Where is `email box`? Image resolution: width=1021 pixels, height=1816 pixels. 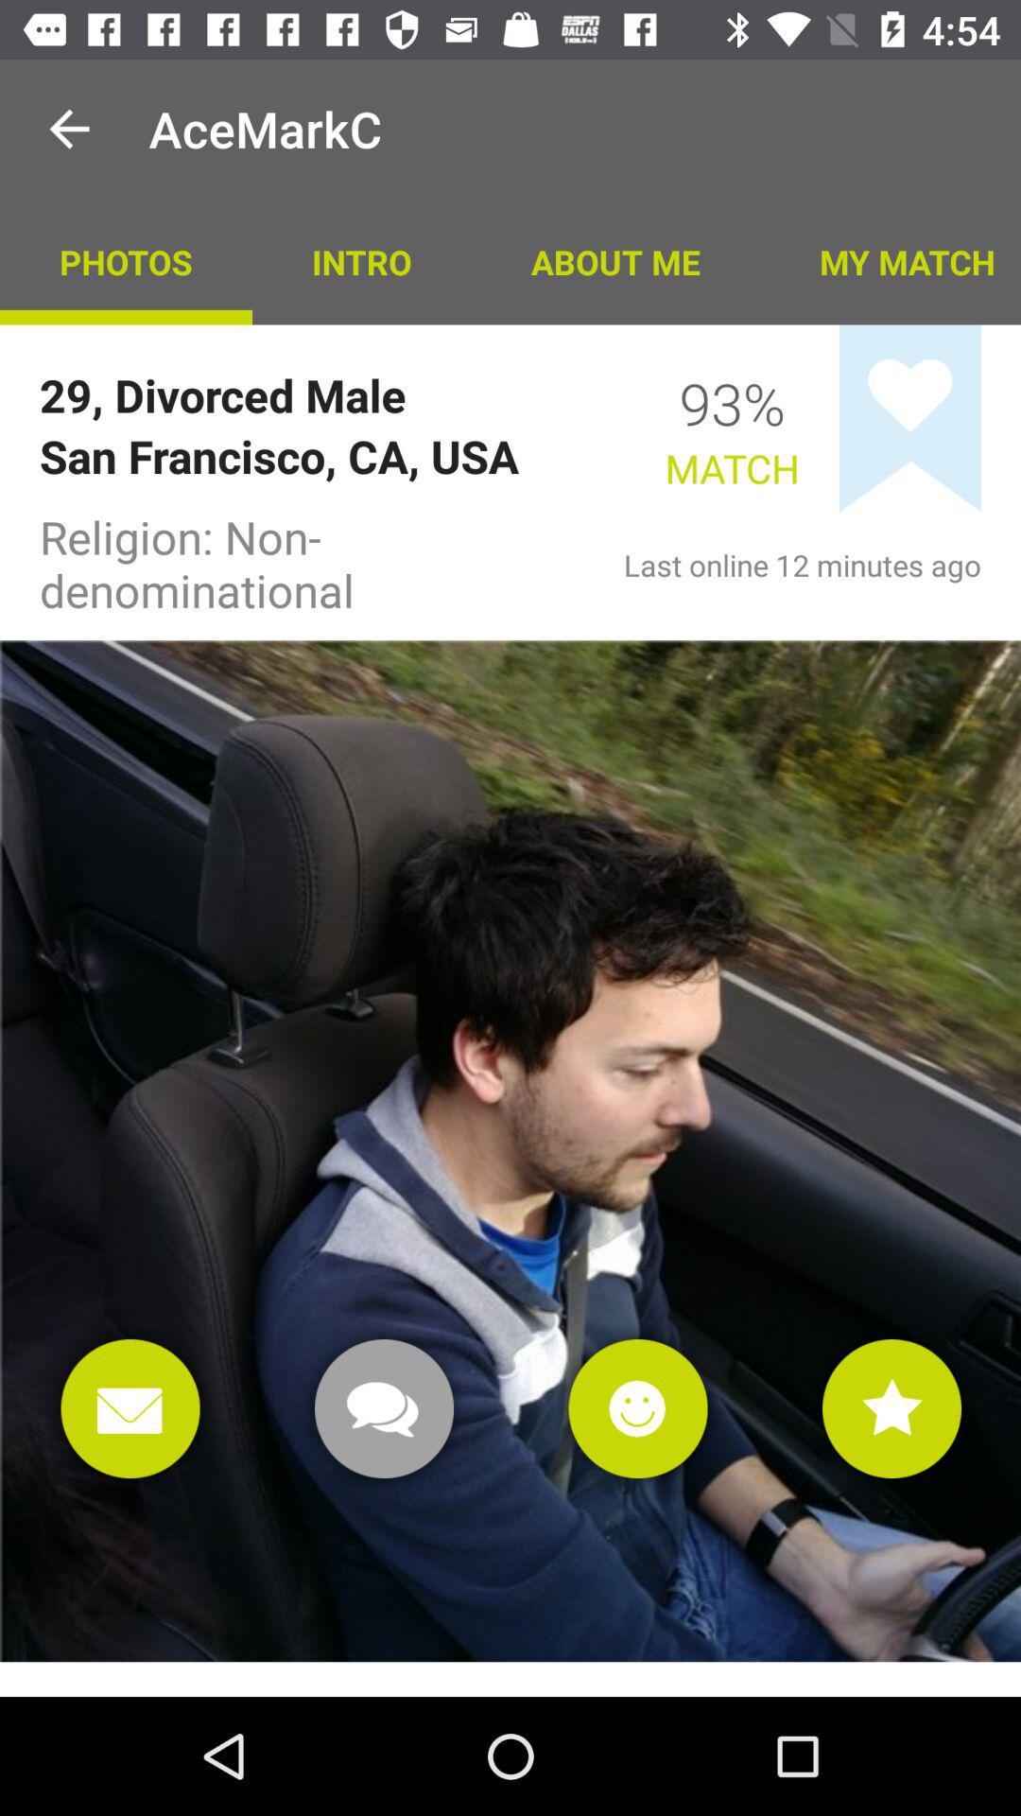 email box is located at coordinates (130, 1408).